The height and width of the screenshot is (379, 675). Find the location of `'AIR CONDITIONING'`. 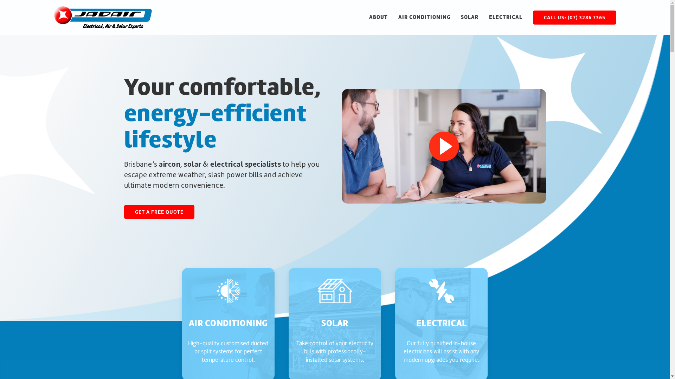

'AIR CONDITIONING' is located at coordinates (423, 17).